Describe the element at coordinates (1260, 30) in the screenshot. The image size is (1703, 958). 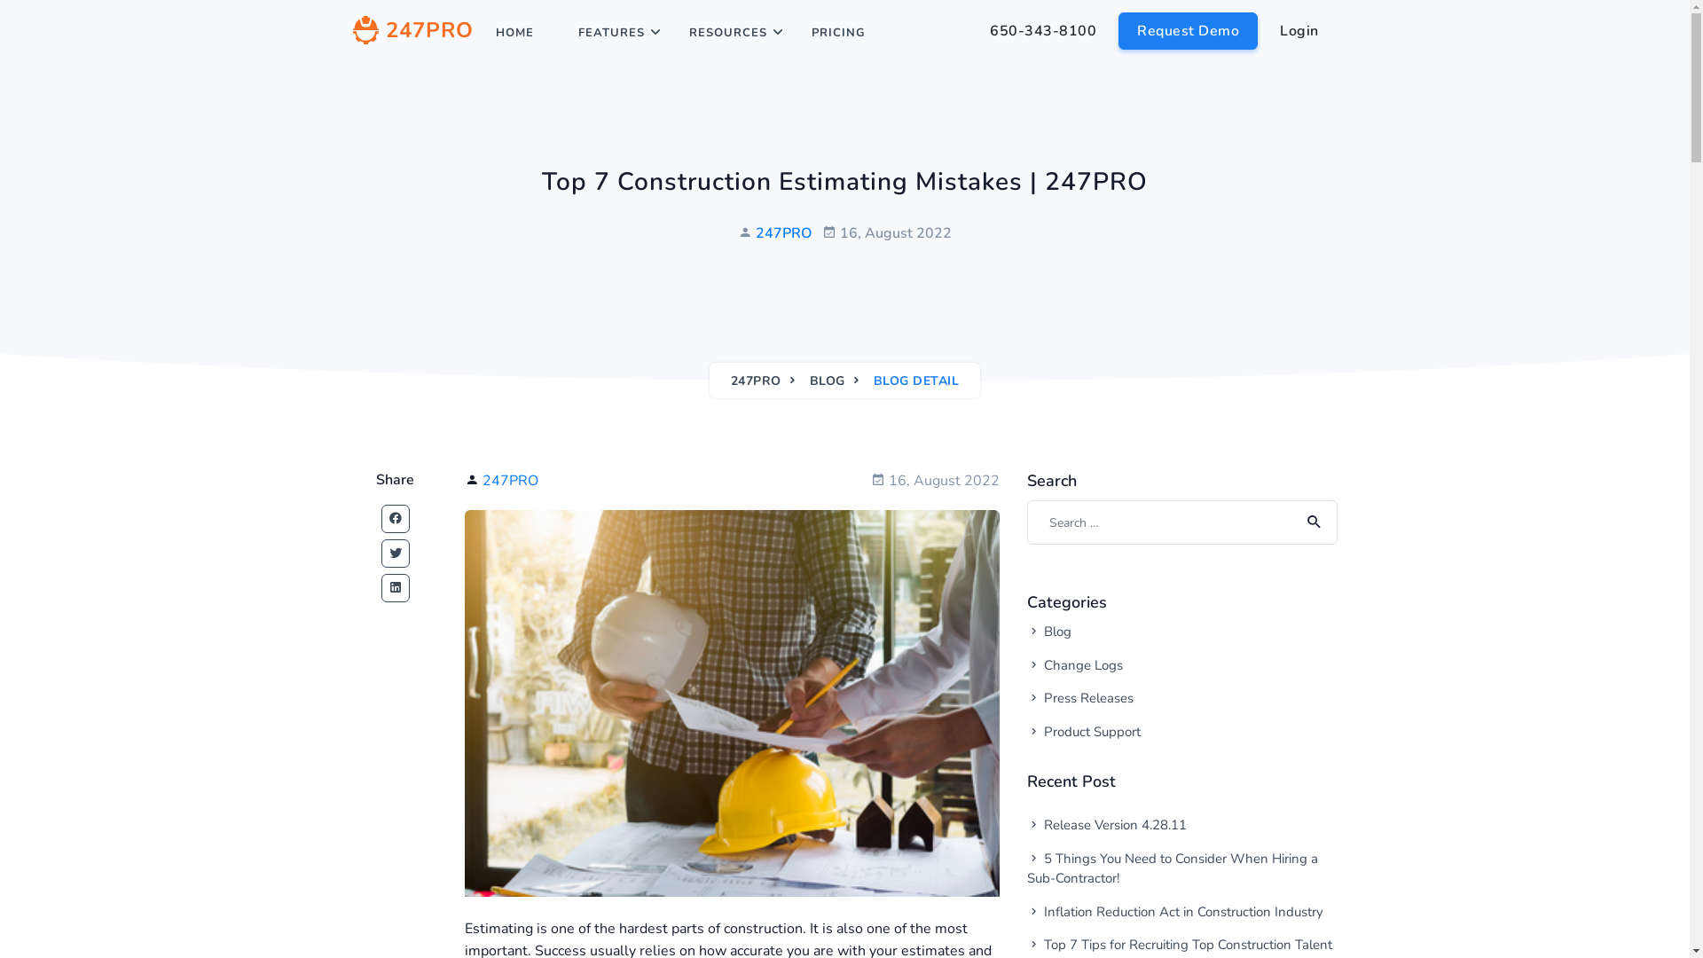
I see `'Login'` at that location.